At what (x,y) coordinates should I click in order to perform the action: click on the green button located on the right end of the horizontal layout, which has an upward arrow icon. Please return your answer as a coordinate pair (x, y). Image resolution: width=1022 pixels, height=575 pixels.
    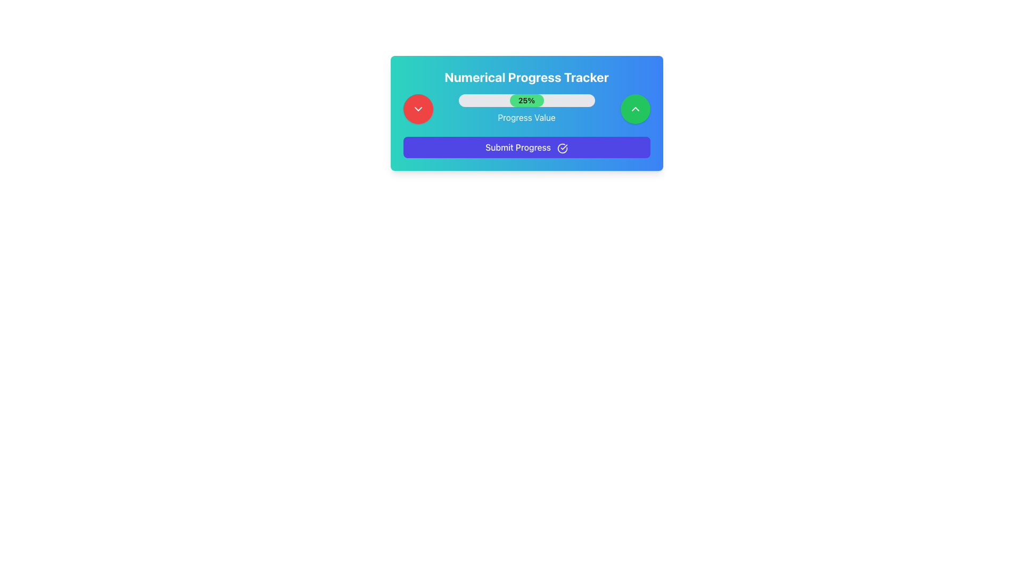
    Looking at the image, I should click on (635, 109).